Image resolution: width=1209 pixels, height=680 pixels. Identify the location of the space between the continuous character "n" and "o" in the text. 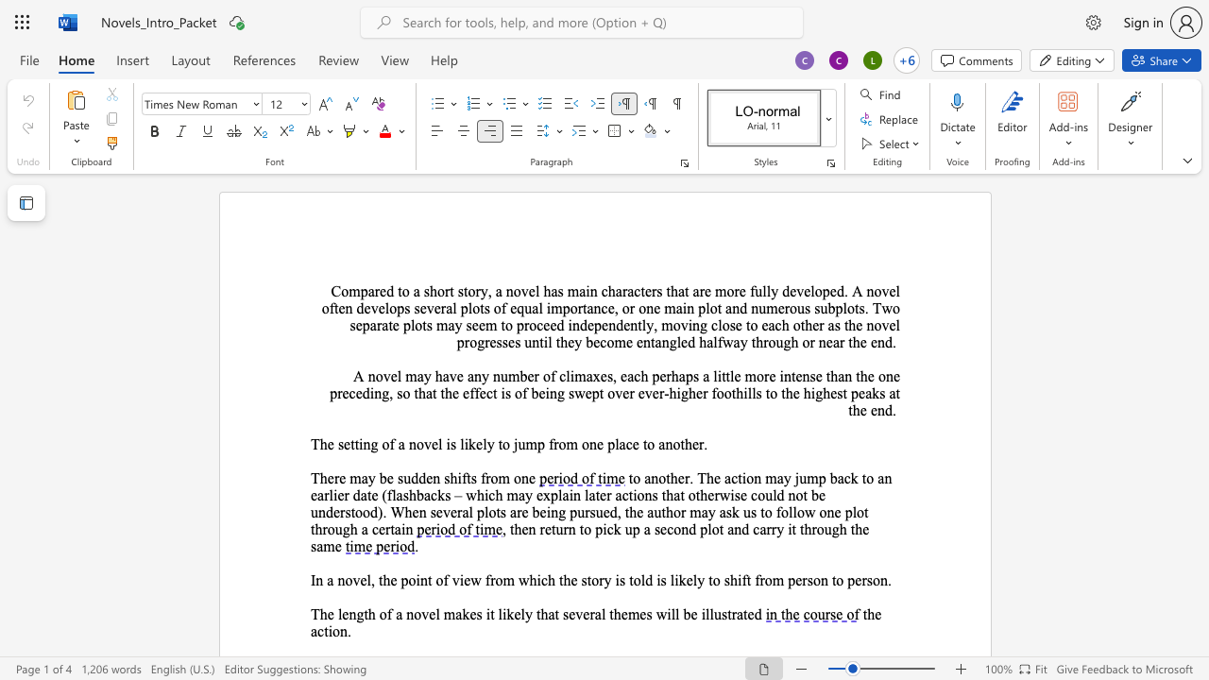
(375, 376).